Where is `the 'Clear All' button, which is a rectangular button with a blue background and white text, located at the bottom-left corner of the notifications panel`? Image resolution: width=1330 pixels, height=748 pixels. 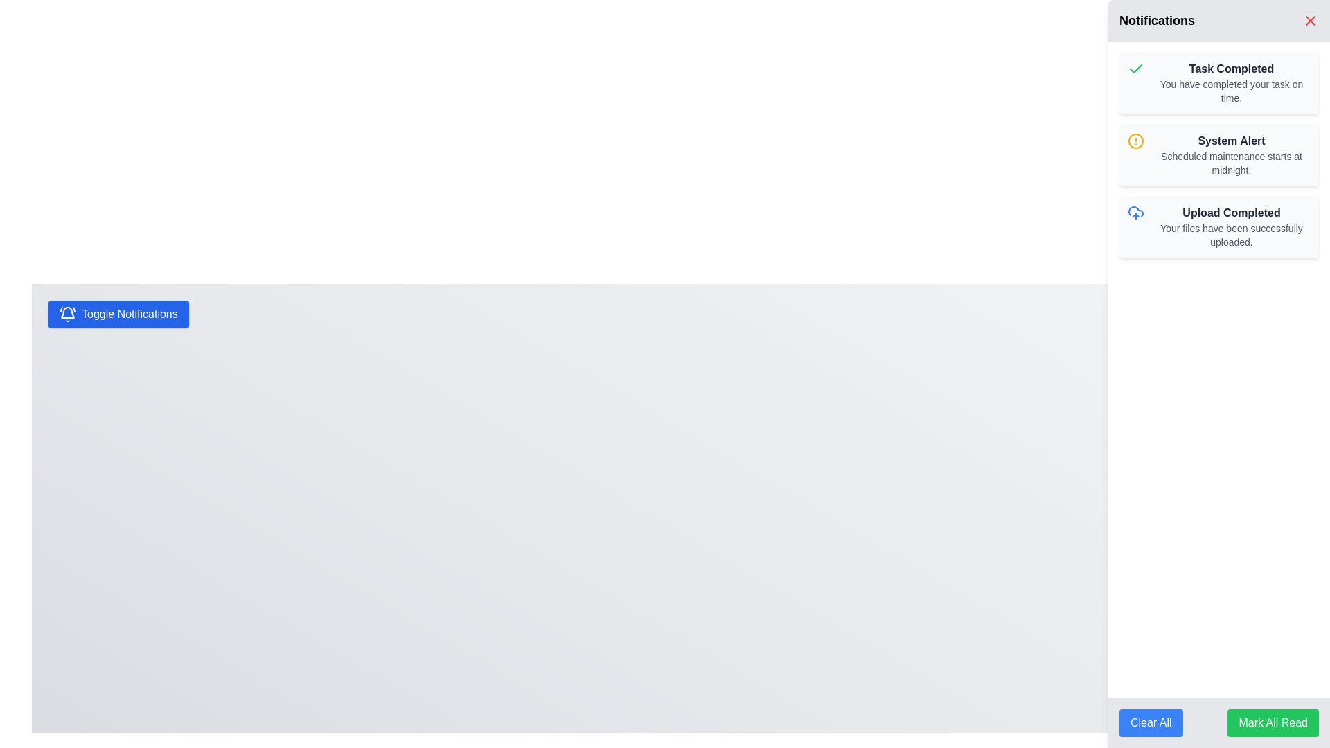
the 'Clear All' button, which is a rectangular button with a blue background and white text, located at the bottom-left corner of the notifications panel is located at coordinates (1151, 722).